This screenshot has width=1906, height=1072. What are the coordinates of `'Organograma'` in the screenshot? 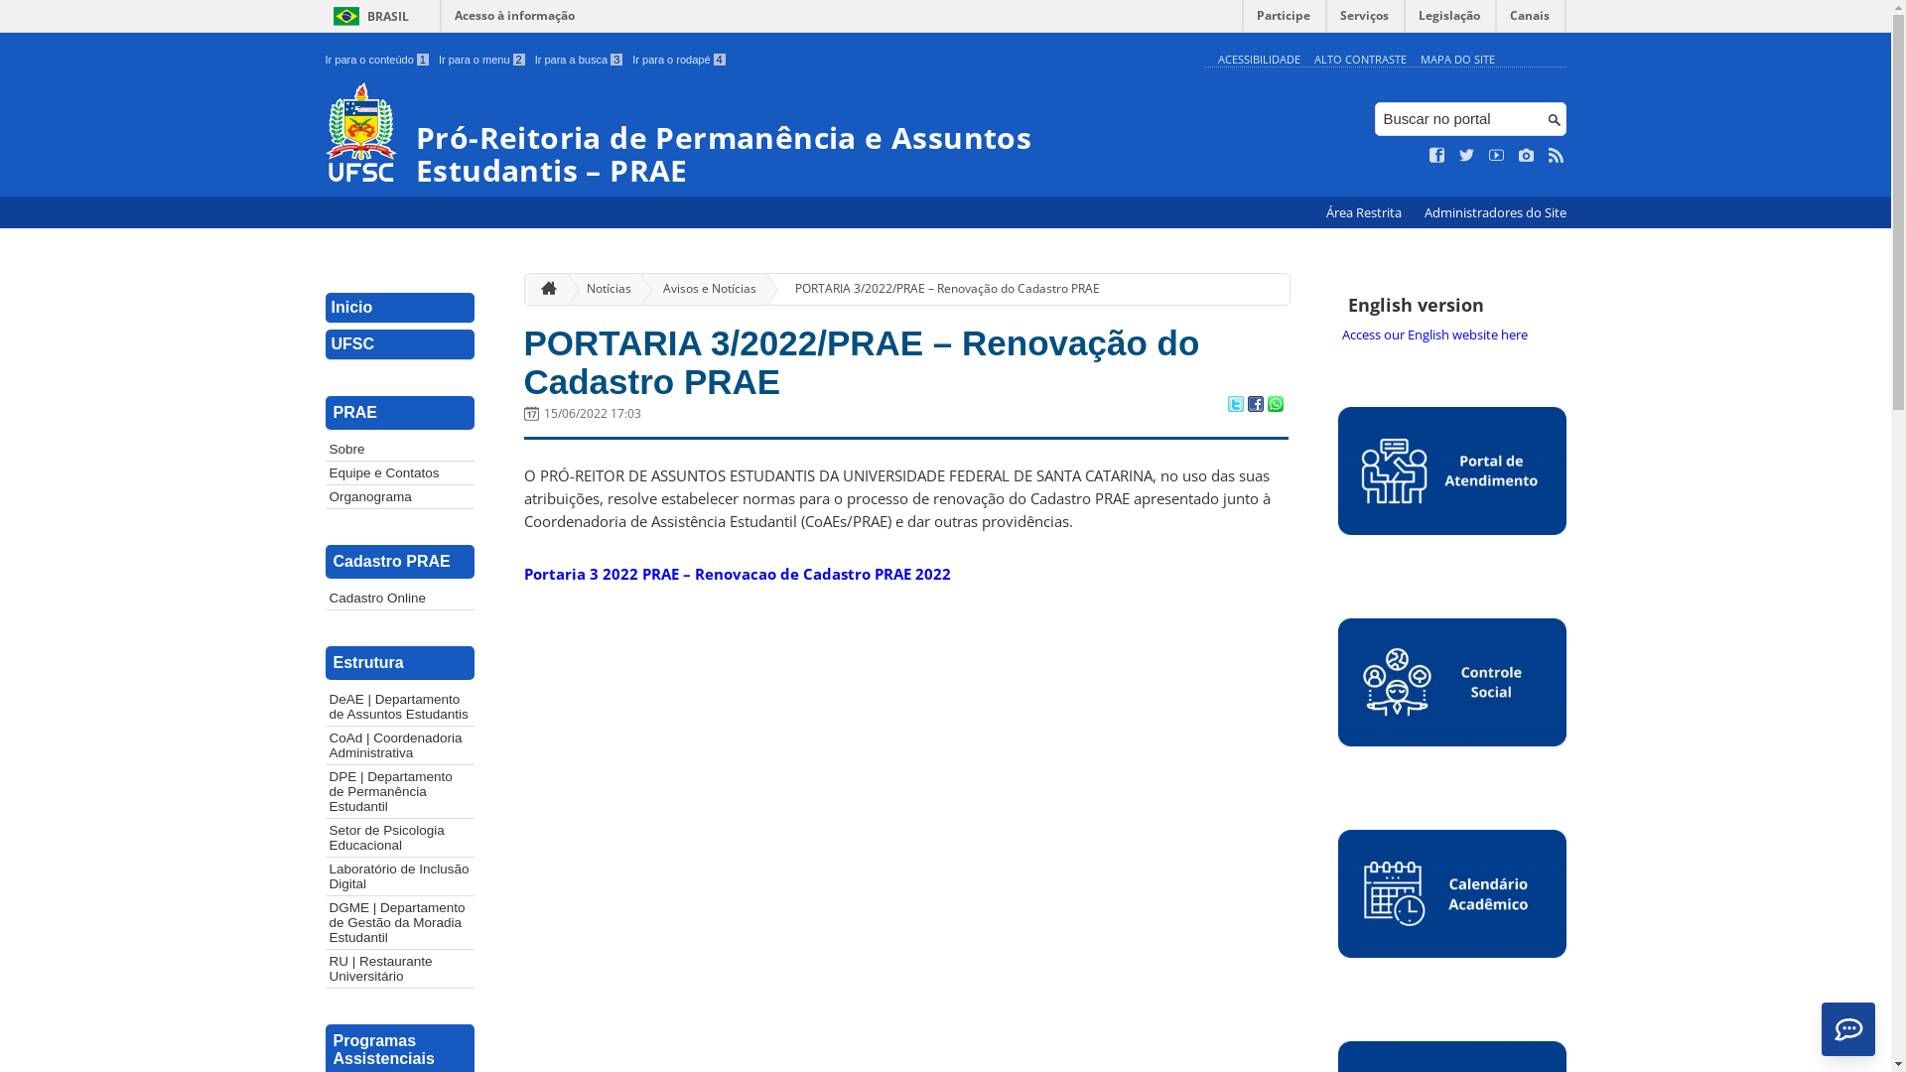 It's located at (399, 495).